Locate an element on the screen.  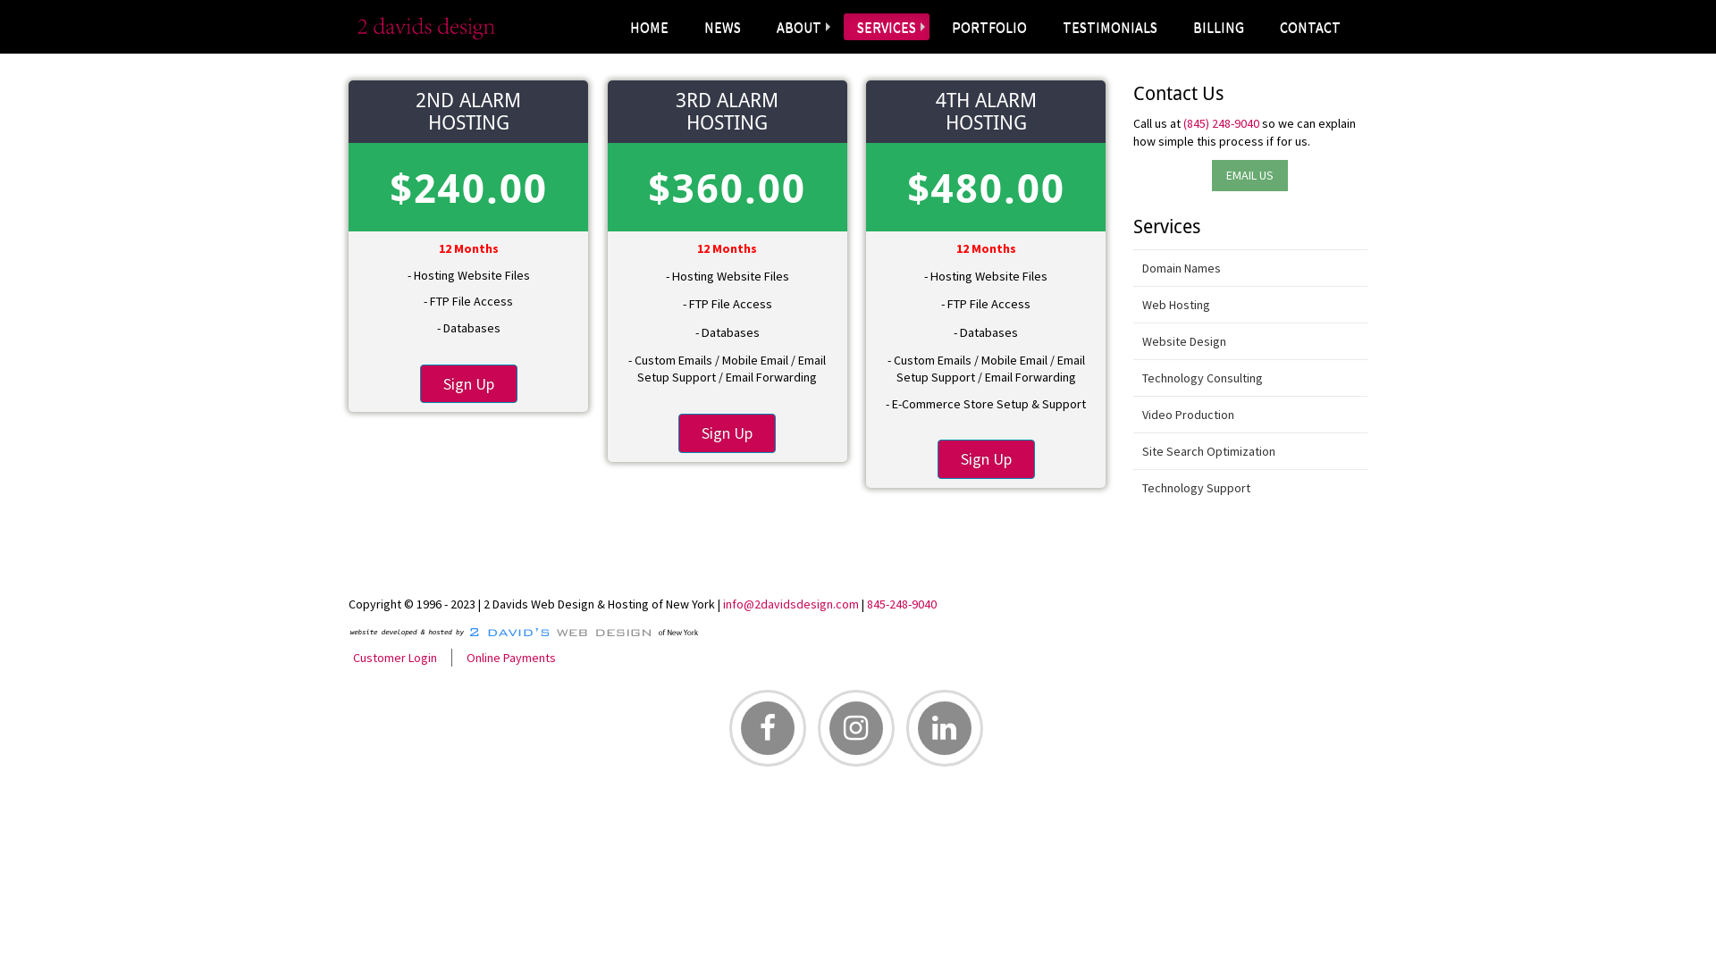
'EMAIL US' is located at coordinates (1249, 175).